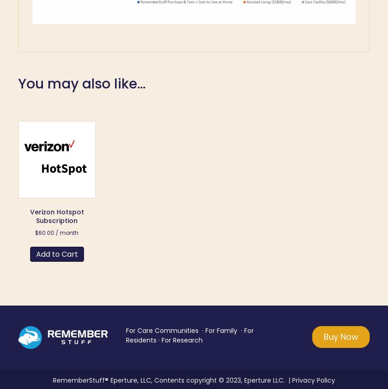 The image size is (388, 389). What do you see at coordinates (220, 330) in the screenshot?
I see `'For Family'` at bounding box center [220, 330].